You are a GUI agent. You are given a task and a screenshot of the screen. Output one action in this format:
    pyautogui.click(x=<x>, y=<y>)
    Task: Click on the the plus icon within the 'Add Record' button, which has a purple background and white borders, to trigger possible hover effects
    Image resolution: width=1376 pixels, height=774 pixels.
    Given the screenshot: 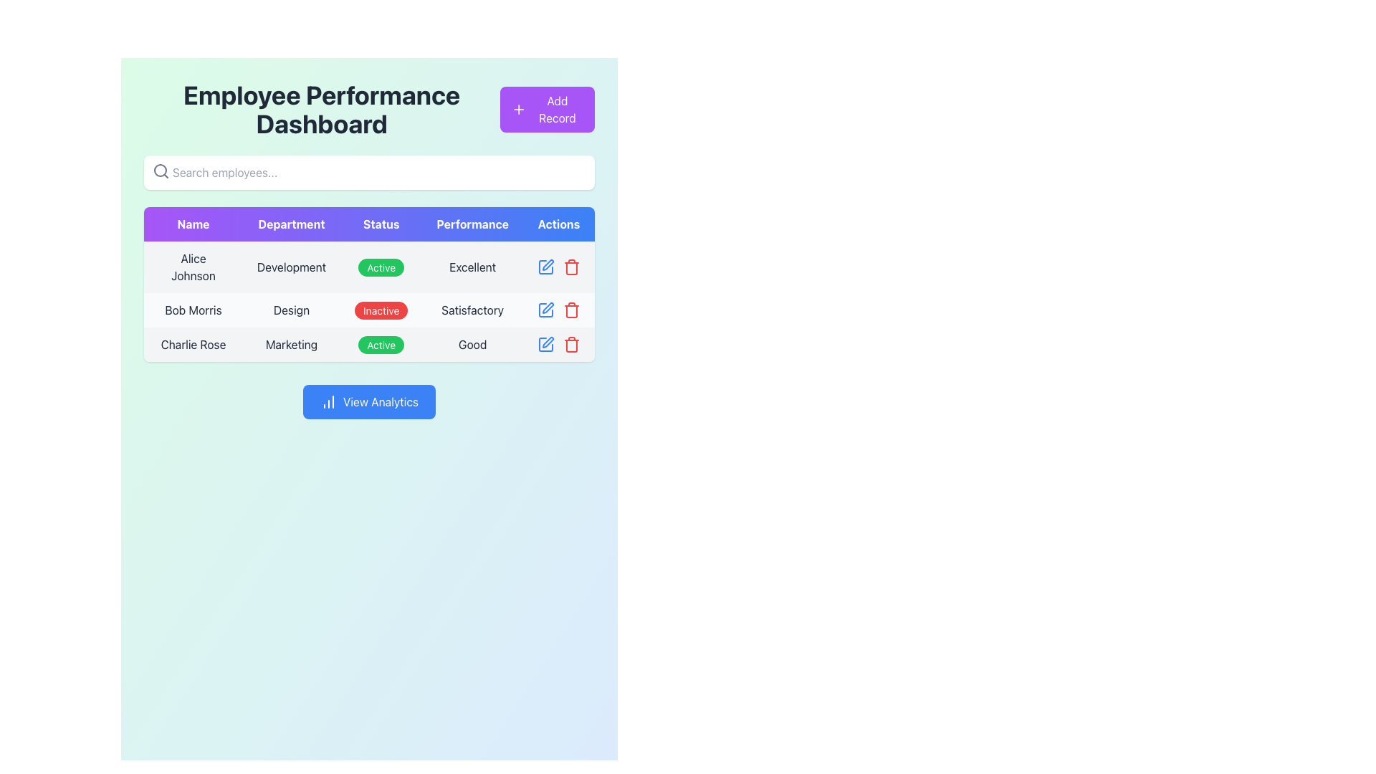 What is the action you would take?
    pyautogui.click(x=517, y=109)
    